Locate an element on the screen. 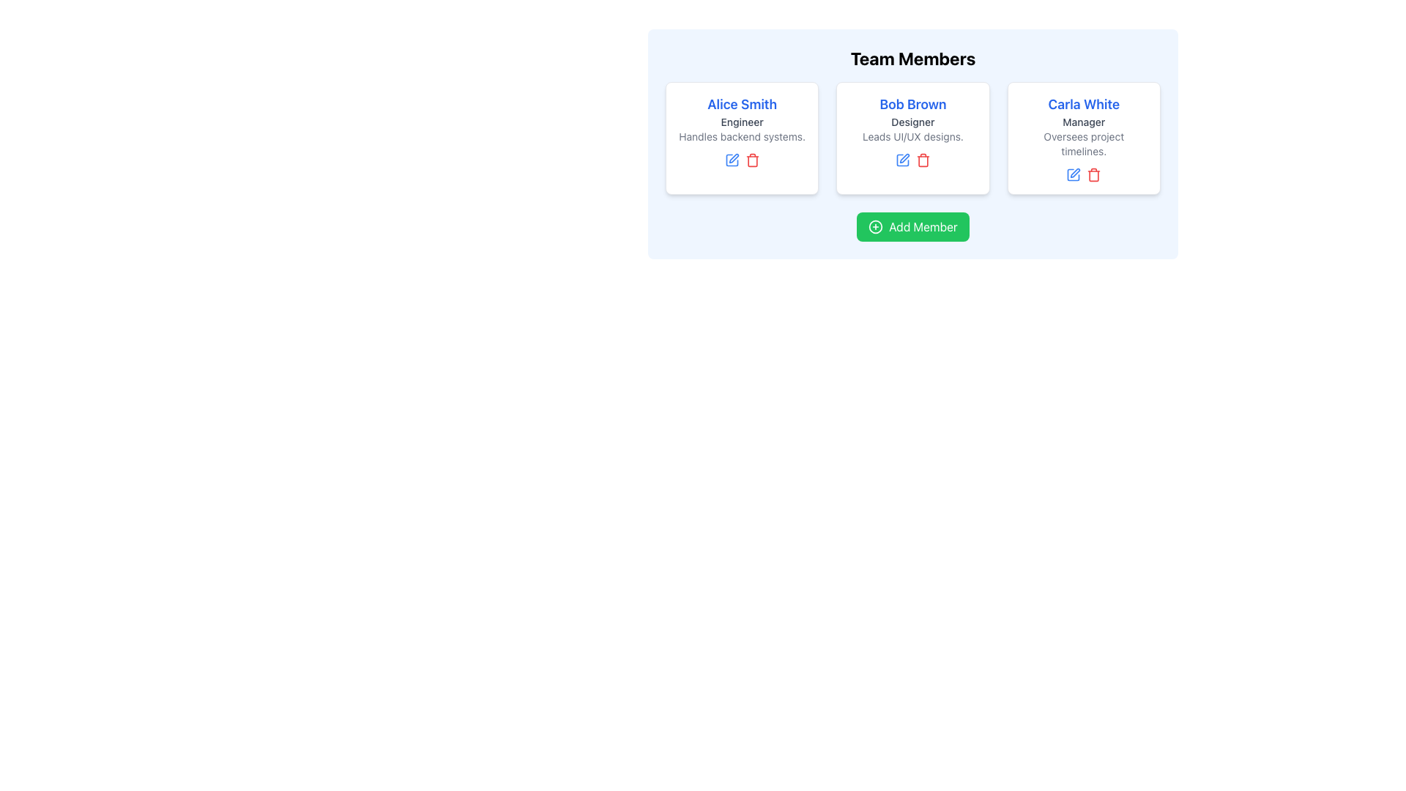  the sub-elements within the informational cards in the 'Team Members' section, specifically targeting the center of the grid layout containing the cards is located at coordinates (912, 138).